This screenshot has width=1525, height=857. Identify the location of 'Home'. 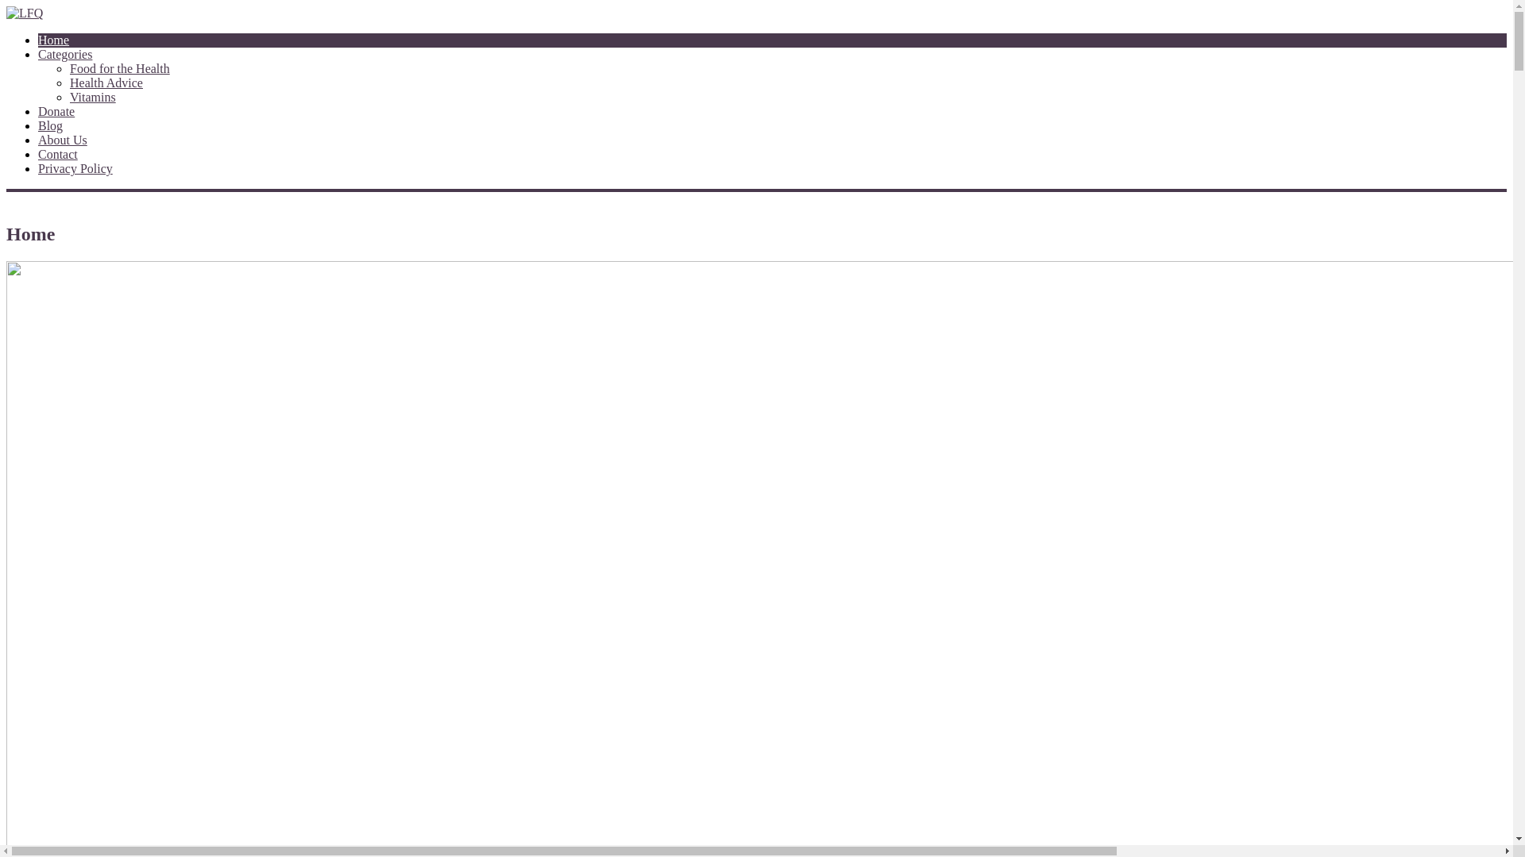
(53, 39).